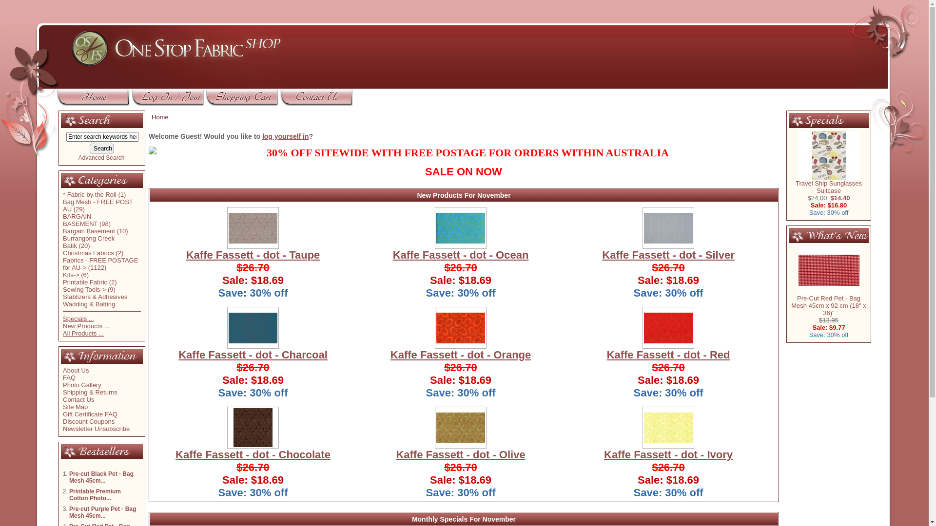 The image size is (936, 526). What do you see at coordinates (86, 326) in the screenshot?
I see `'New Products ...'` at bounding box center [86, 326].